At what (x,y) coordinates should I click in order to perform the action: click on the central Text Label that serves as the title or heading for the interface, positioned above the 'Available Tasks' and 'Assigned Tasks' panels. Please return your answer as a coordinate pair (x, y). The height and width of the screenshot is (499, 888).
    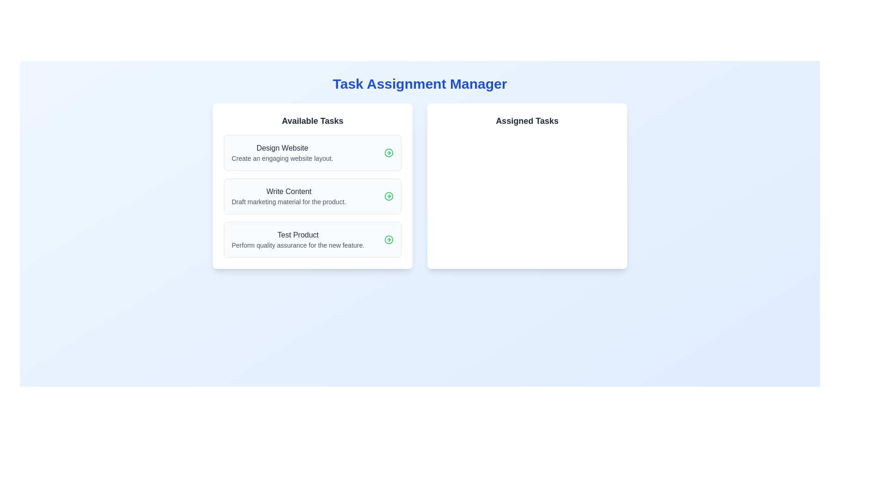
    Looking at the image, I should click on (419, 84).